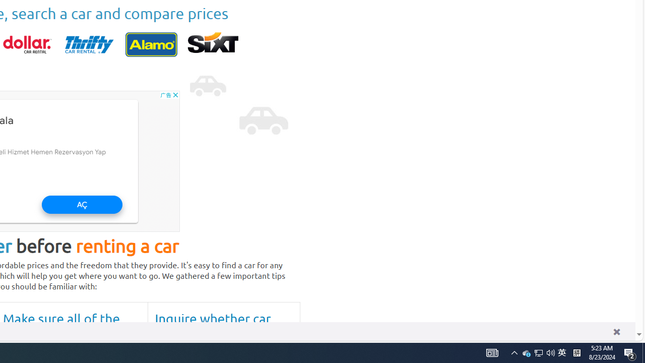 This screenshot has width=645, height=363. Describe the element at coordinates (151, 44) in the screenshot. I see `'alamo'` at that location.